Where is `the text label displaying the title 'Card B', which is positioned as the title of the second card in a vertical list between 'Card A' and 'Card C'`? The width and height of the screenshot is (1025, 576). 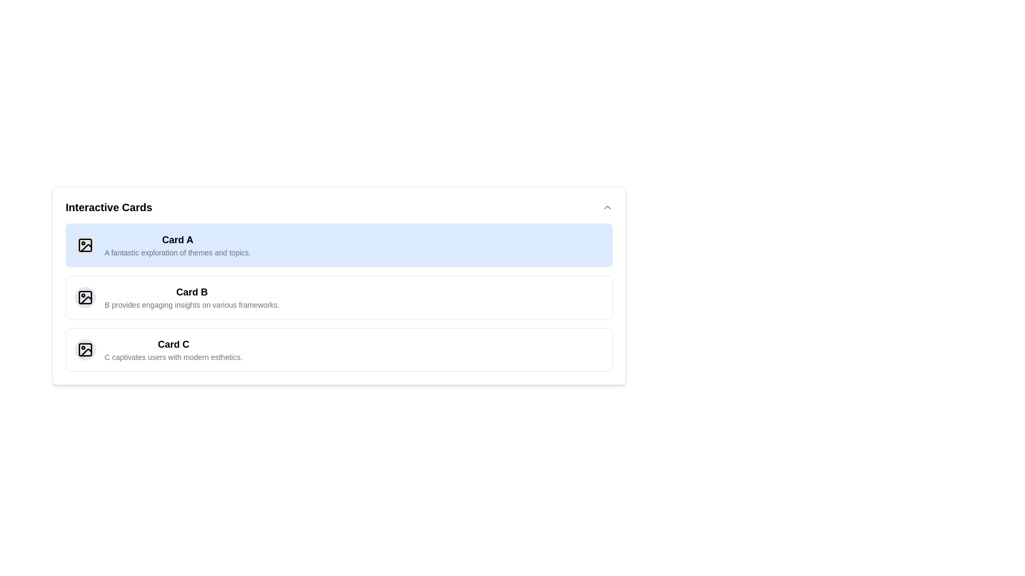 the text label displaying the title 'Card B', which is positioned as the title of the second card in a vertical list between 'Card A' and 'Card C' is located at coordinates (192, 292).